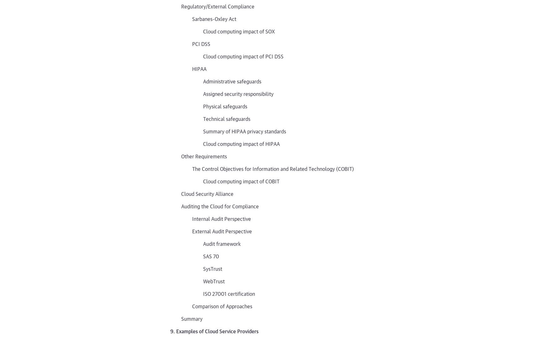 The width and height of the screenshot is (558, 337). Describe the element at coordinates (170, 330) in the screenshot. I see `'9. Examples of Cloud Service Providers'` at that location.